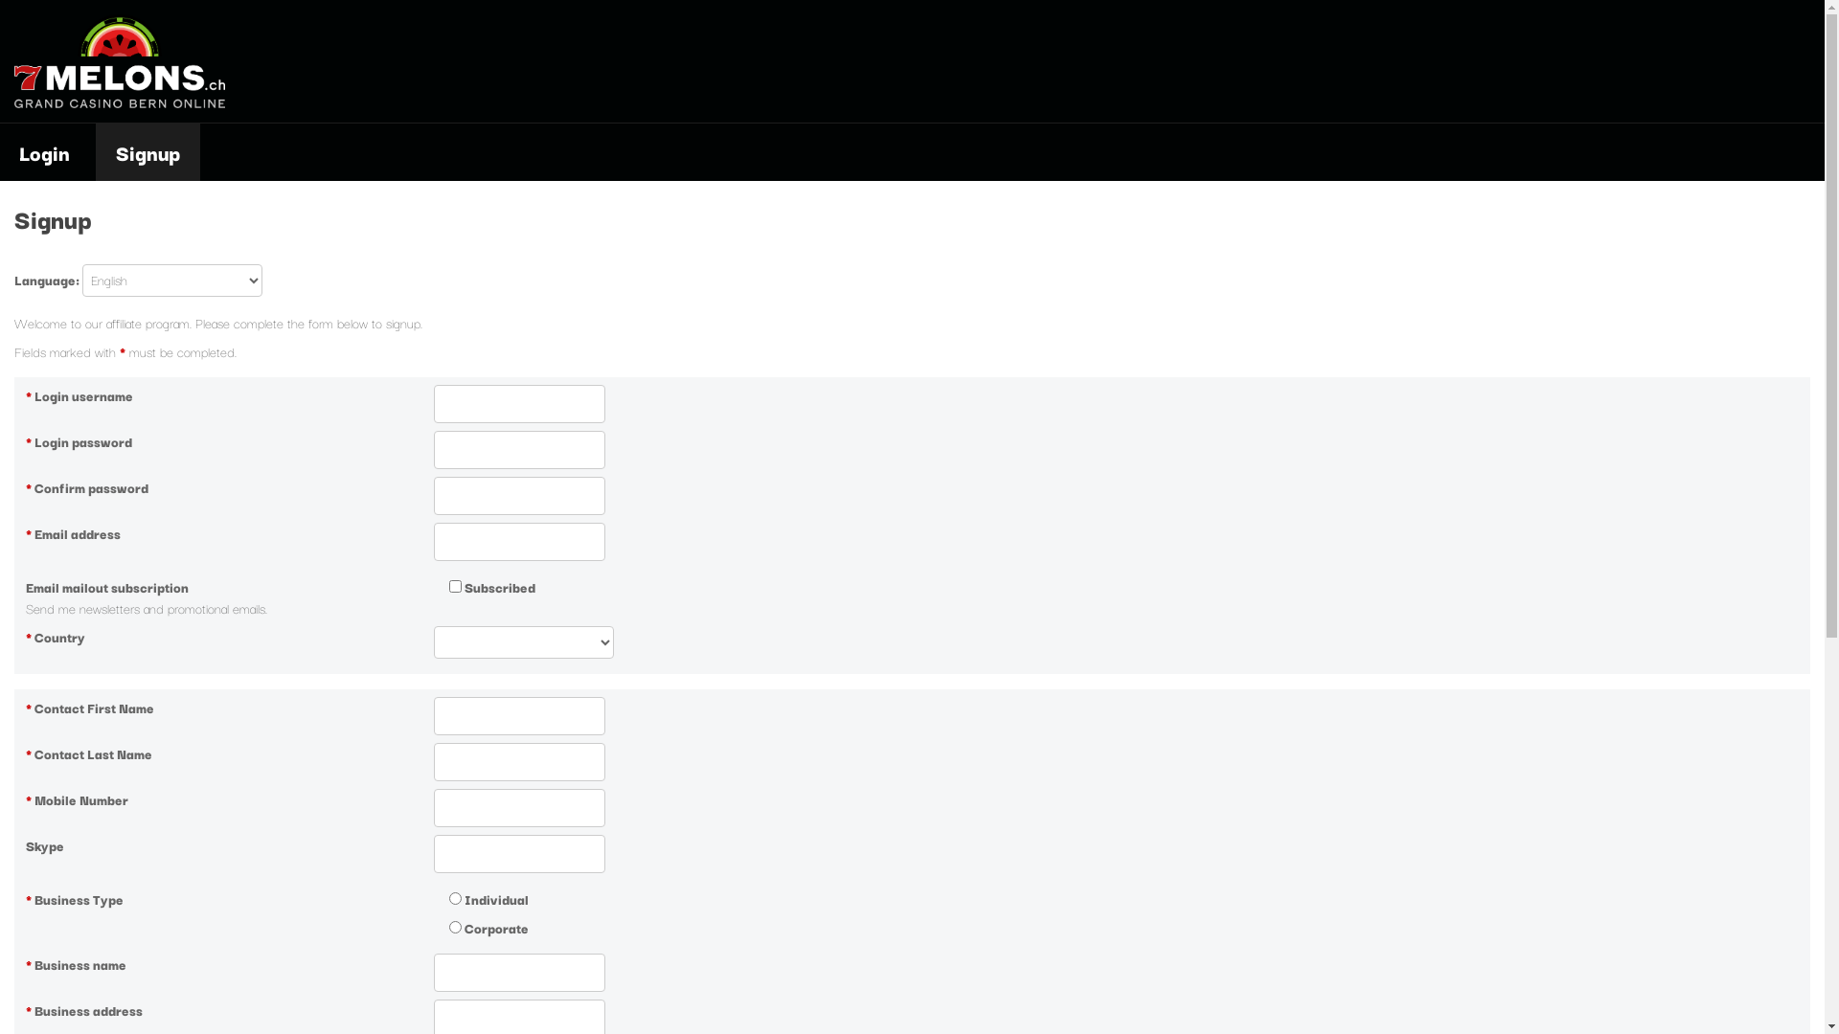 The image size is (1839, 1034). What do you see at coordinates (147, 150) in the screenshot?
I see `'Signup'` at bounding box center [147, 150].